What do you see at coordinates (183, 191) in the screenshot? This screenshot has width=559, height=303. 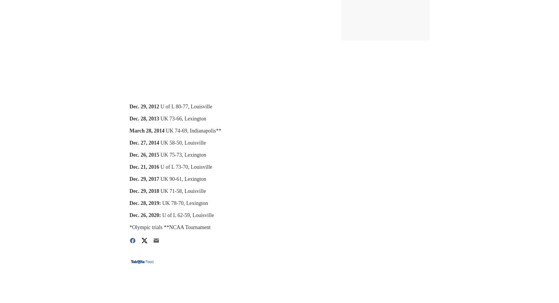 I see `'UK 71-58, Louisville'` at bounding box center [183, 191].